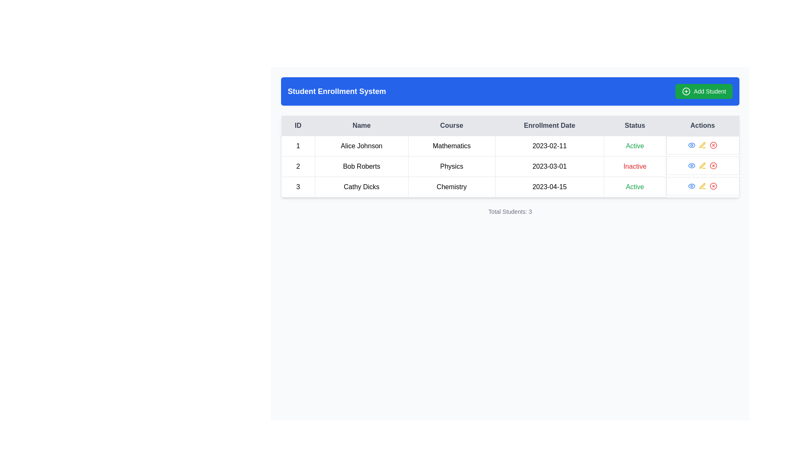  Describe the element at coordinates (550, 126) in the screenshot. I see `the table header text 'Enrollment Date', which is bold and centered, located between 'Course' and 'Status'` at that location.